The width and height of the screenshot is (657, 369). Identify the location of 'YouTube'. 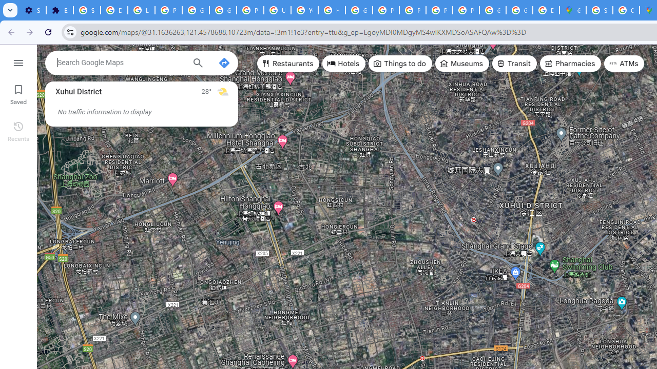
(304, 10).